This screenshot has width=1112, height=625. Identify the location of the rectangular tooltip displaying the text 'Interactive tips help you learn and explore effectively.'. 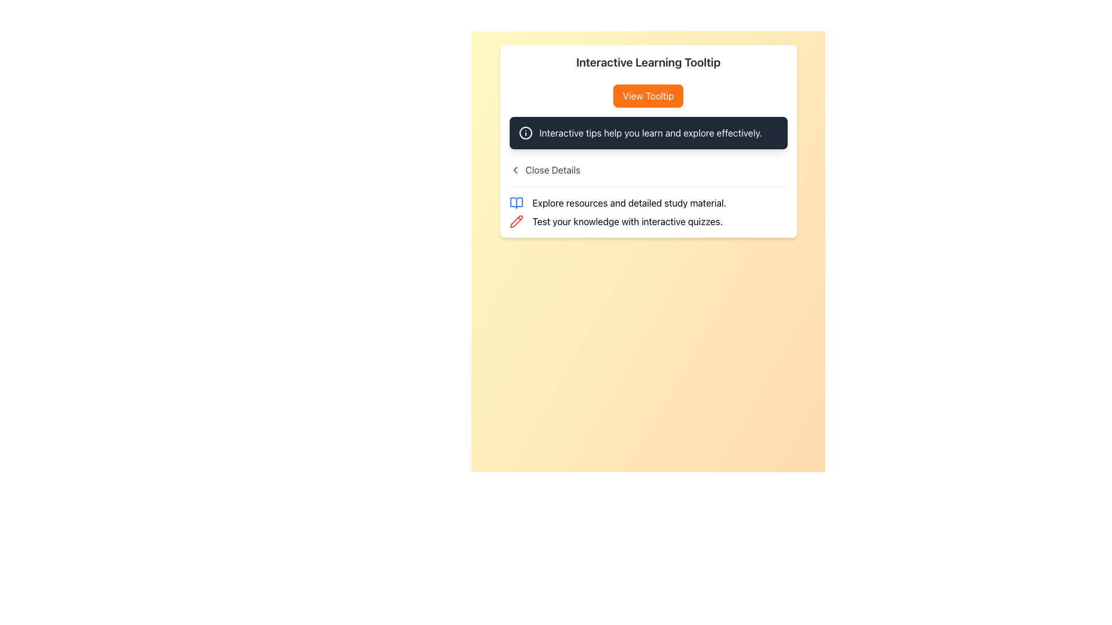
(648, 133).